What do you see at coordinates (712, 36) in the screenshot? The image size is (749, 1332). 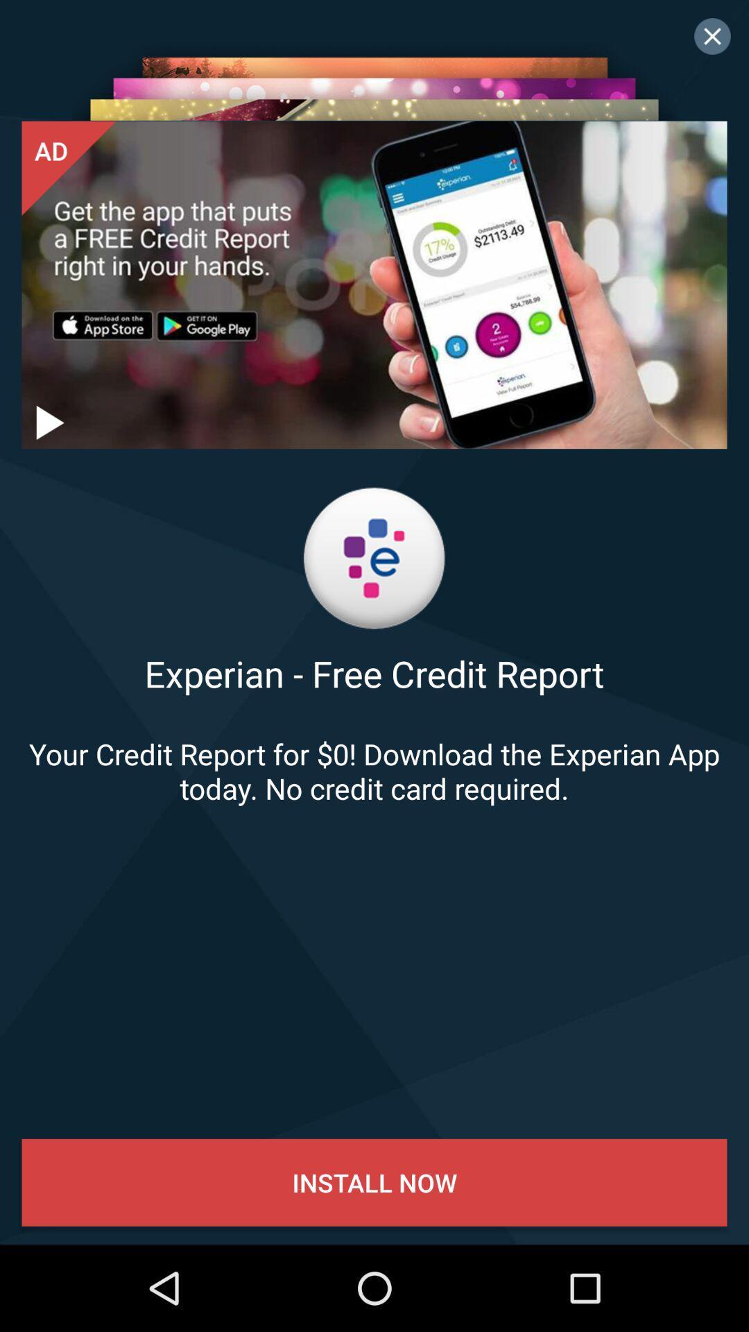 I see `the close icon` at bounding box center [712, 36].